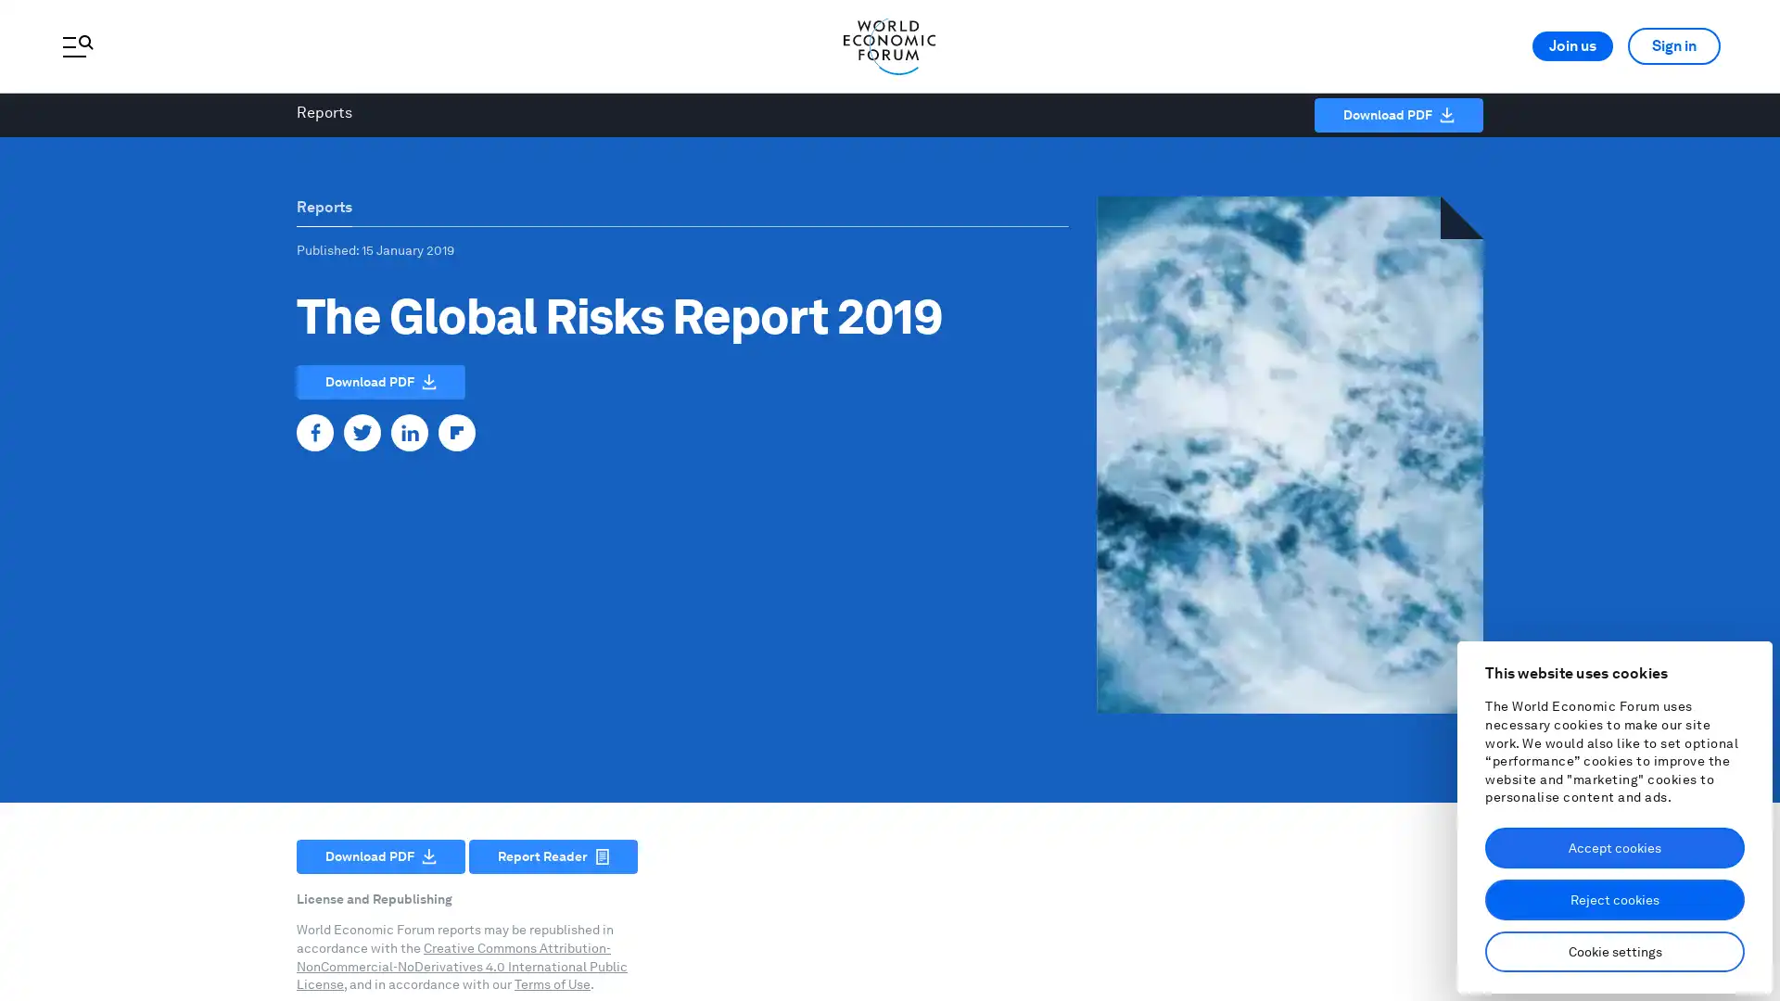 The width and height of the screenshot is (1780, 1001). I want to click on Reject cookies, so click(1614, 899).